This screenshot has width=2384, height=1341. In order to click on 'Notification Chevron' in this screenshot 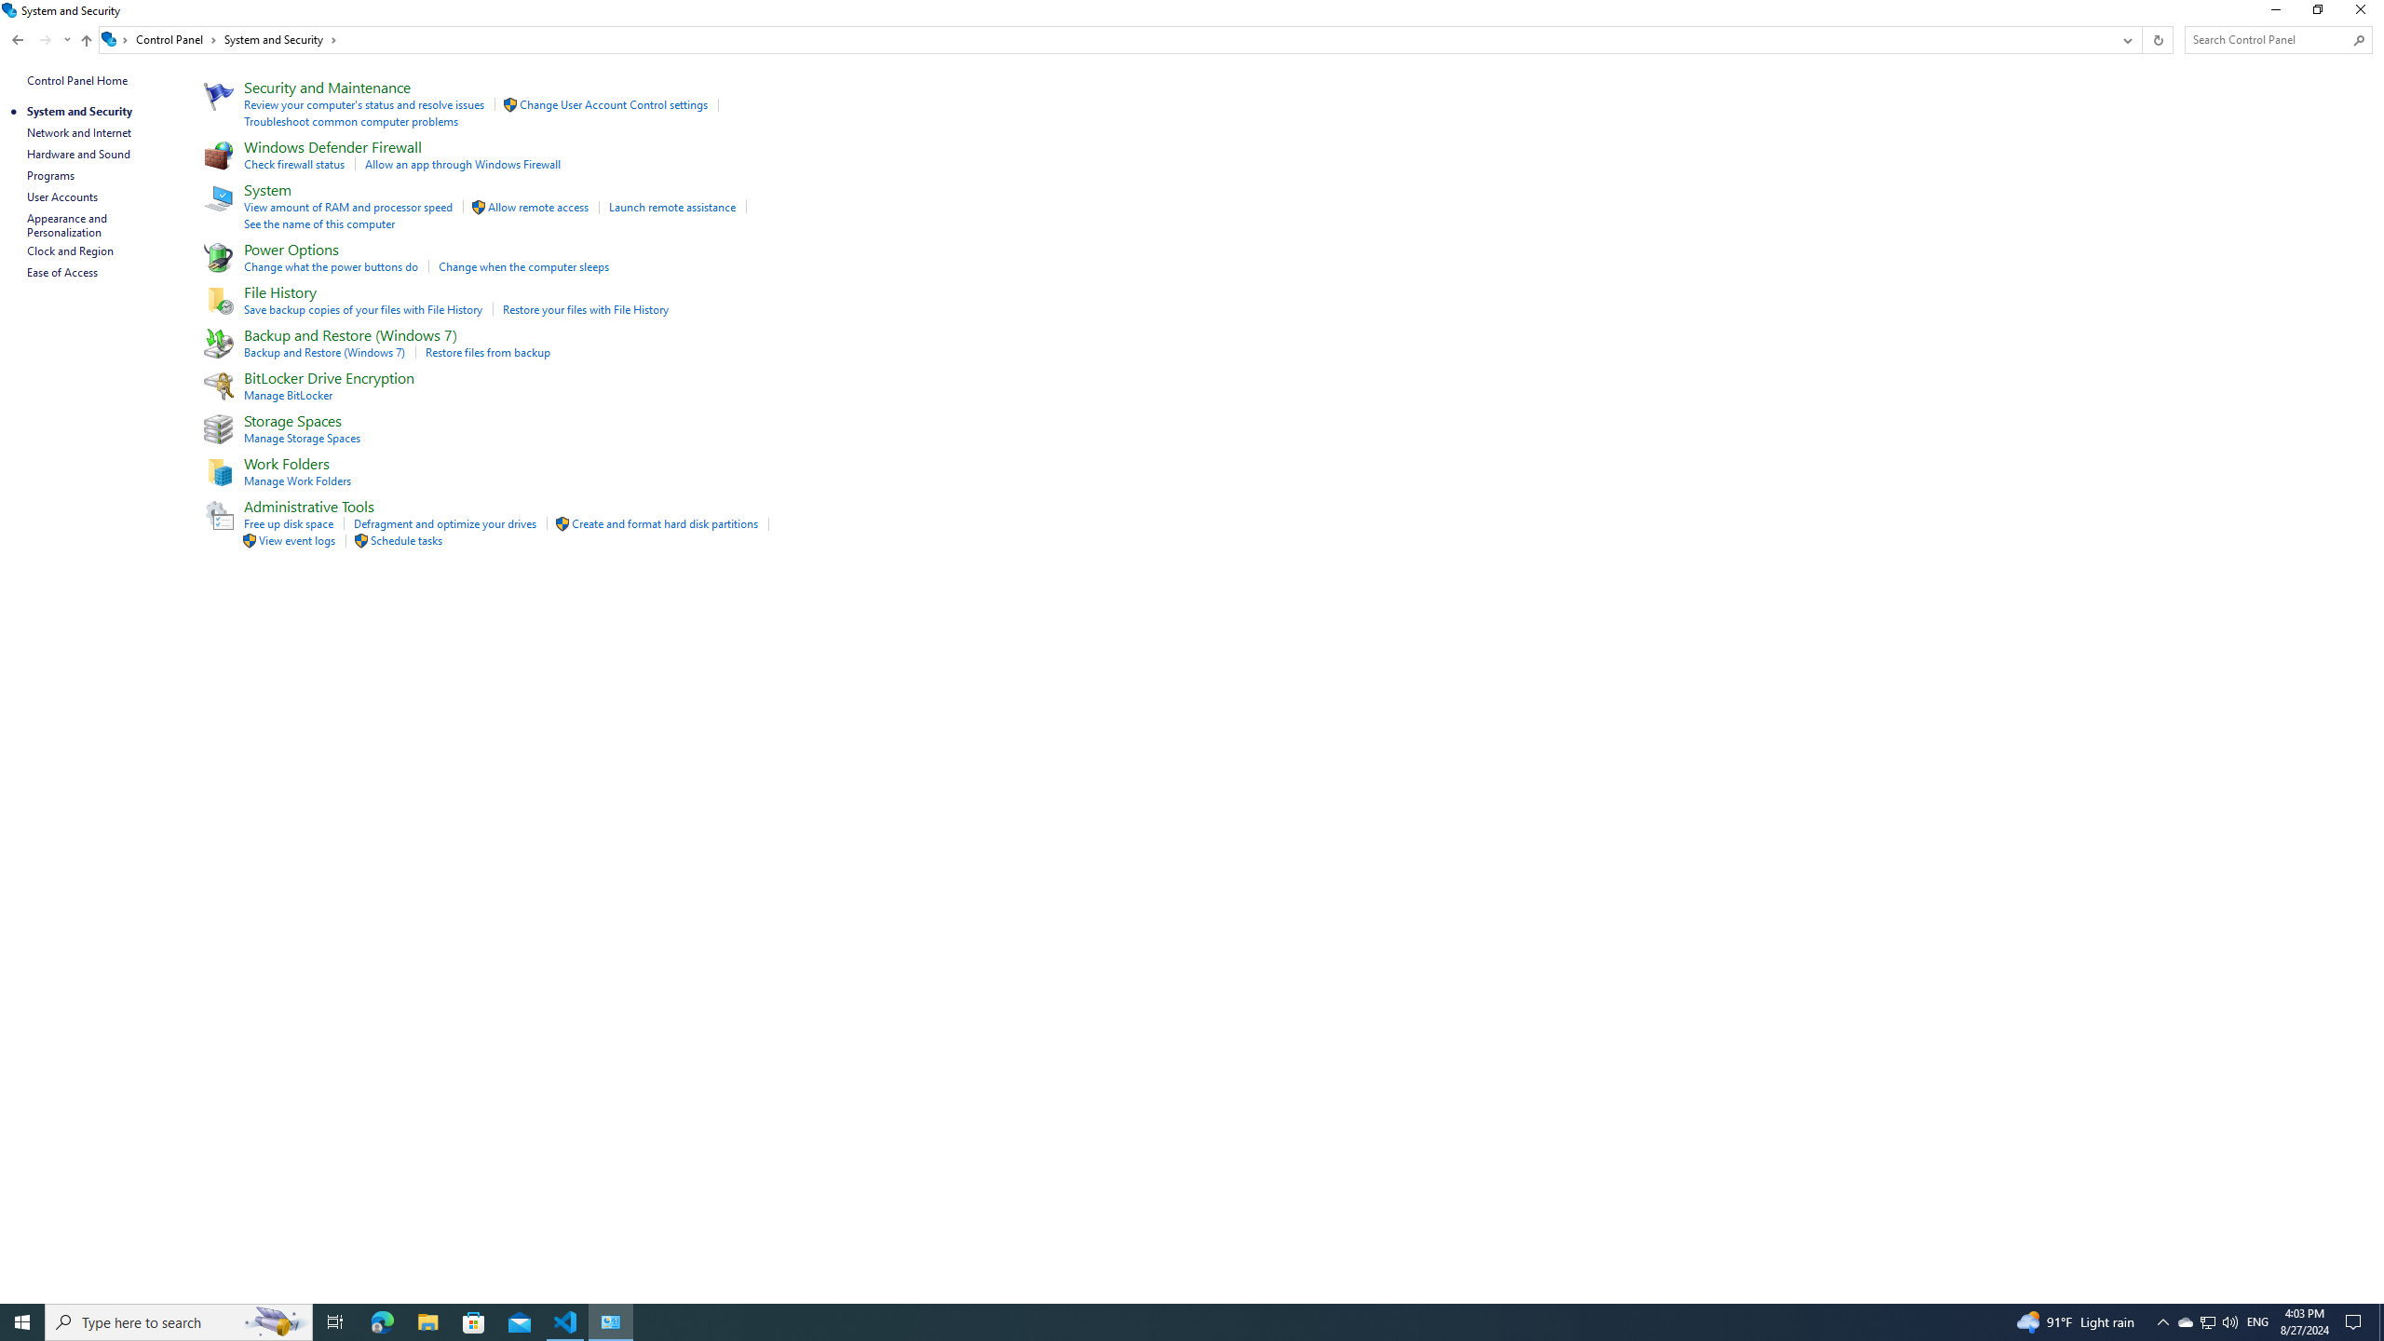, I will do `click(2163, 1321)`.